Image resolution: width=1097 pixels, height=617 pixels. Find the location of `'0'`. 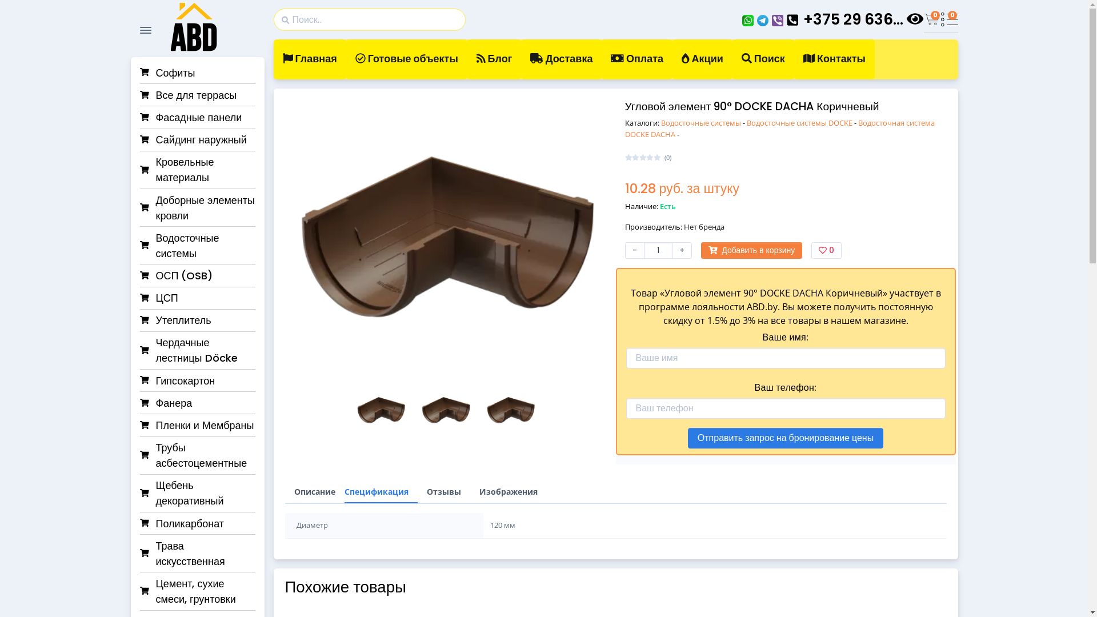

'0' is located at coordinates (932, 19).